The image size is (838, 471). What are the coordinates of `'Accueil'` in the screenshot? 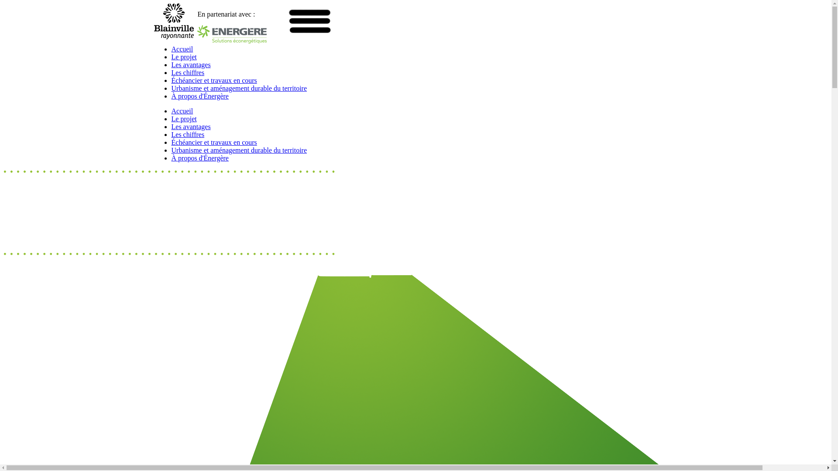 It's located at (182, 49).